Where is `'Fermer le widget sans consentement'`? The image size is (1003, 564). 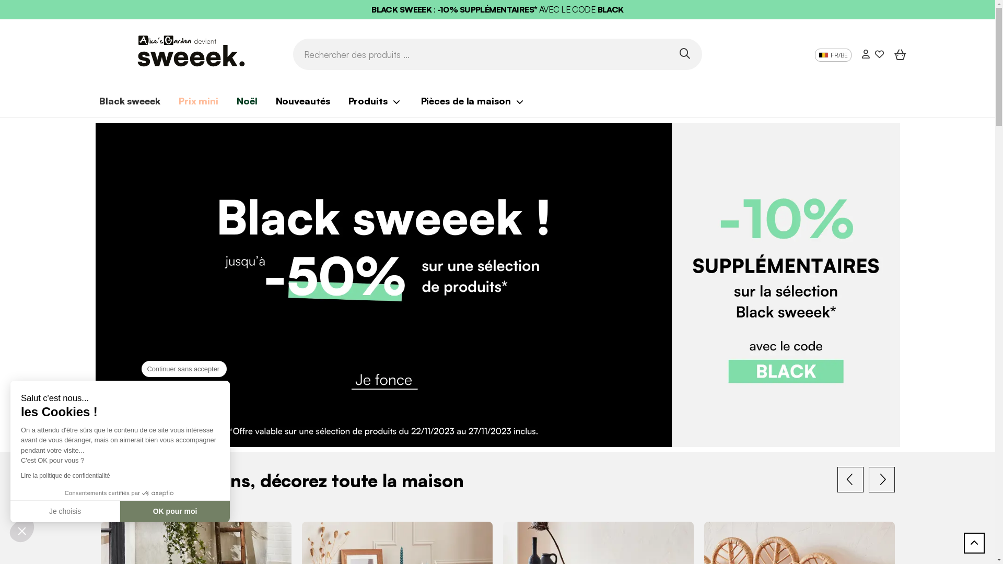
'Fermer le widget sans consentement' is located at coordinates (22, 530).